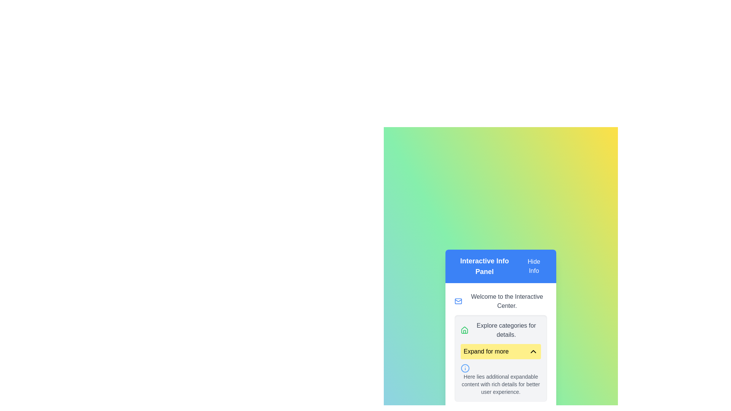 This screenshot has height=411, width=731. Describe the element at coordinates (464, 368) in the screenshot. I see `the informational icon located at the bottom section of the expanded card` at that location.